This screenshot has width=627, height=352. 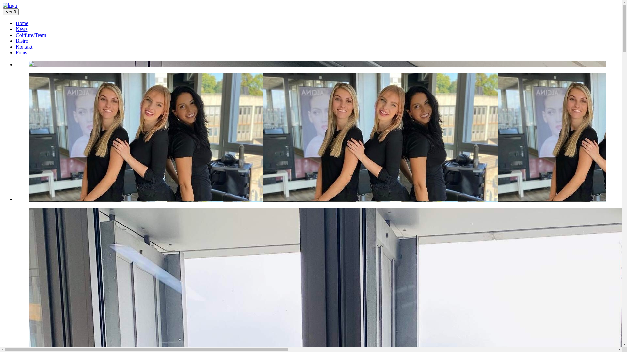 What do you see at coordinates (22, 52) in the screenshot?
I see `'Fotos'` at bounding box center [22, 52].